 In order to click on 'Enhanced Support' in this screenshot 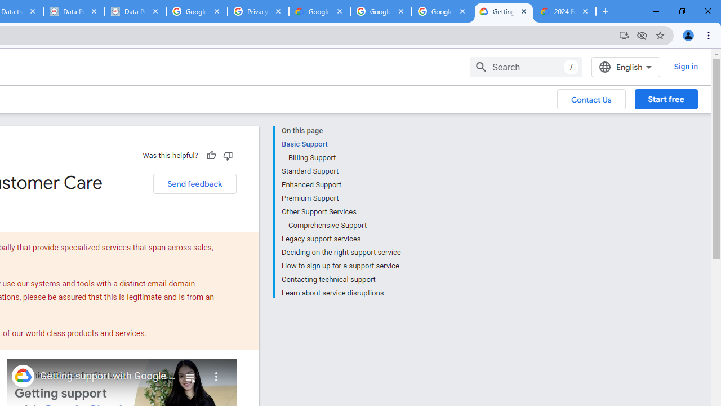, I will do `click(340, 184)`.